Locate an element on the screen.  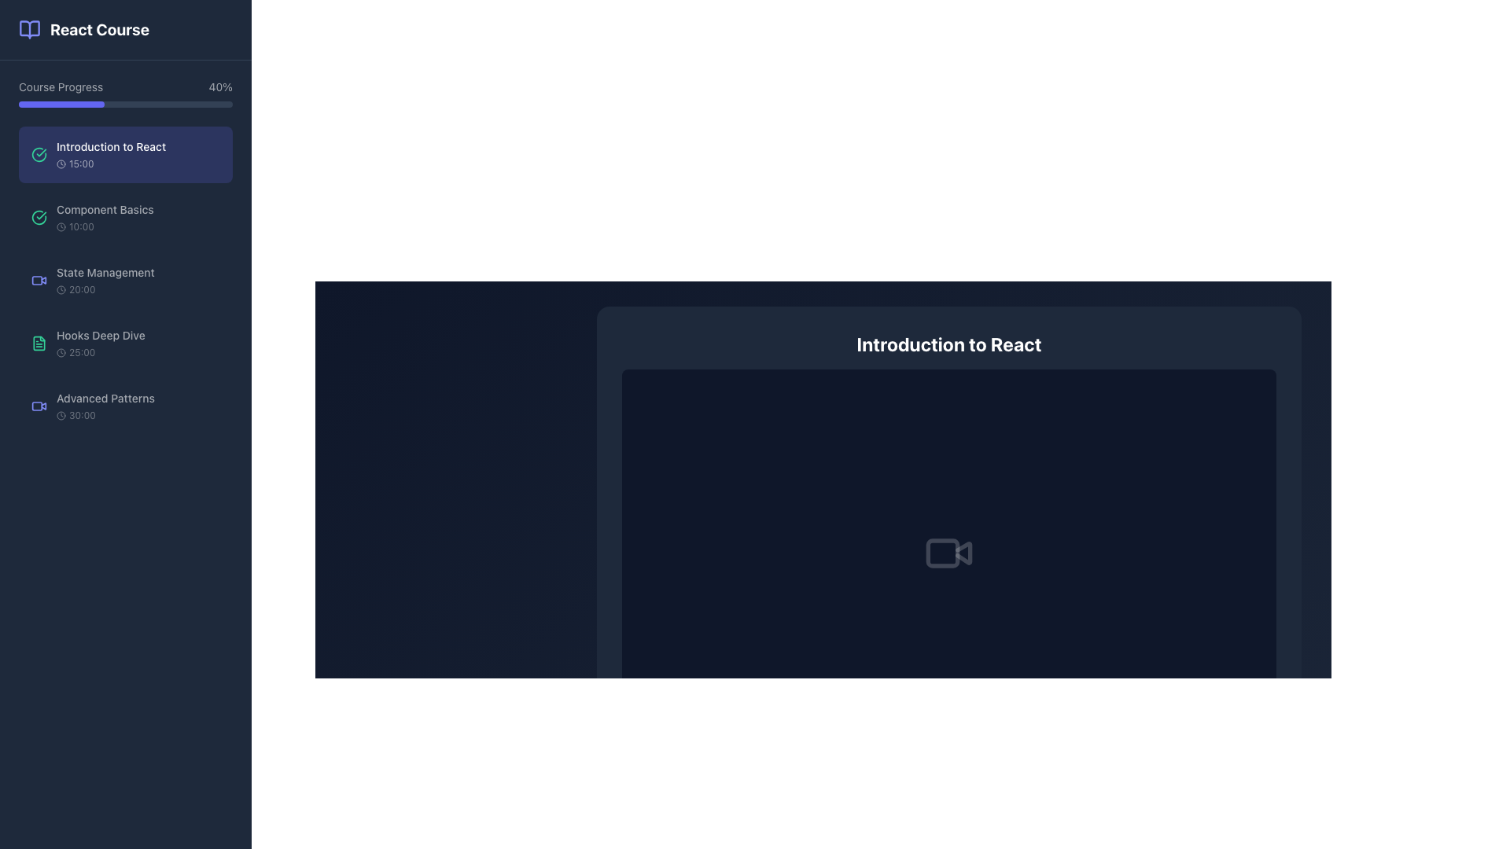
the clock icon located in the sidebar under 'Hooks Deep Dive', positioned to the left of the '25:00' text for potential interactions is located at coordinates (61, 351).